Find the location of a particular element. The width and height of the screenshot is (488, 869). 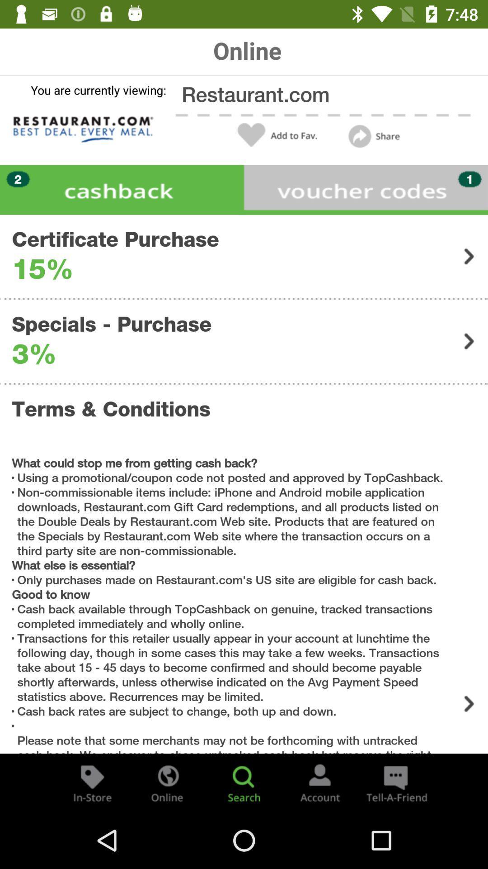

the chat icon is located at coordinates (395, 782).